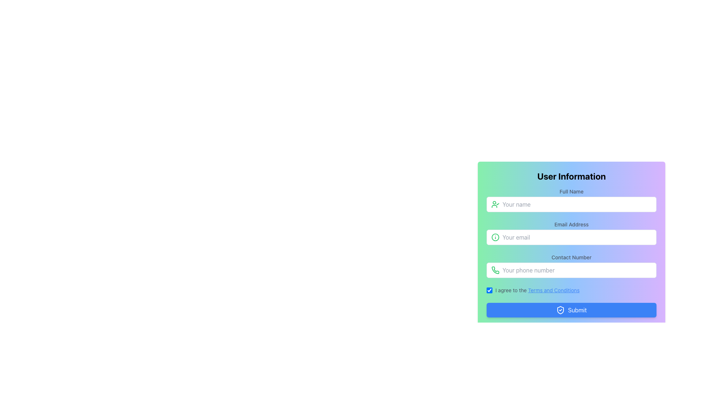  What do you see at coordinates (571, 310) in the screenshot?
I see `the submit button located at the bottom of the user information form to observe a style change` at bounding box center [571, 310].